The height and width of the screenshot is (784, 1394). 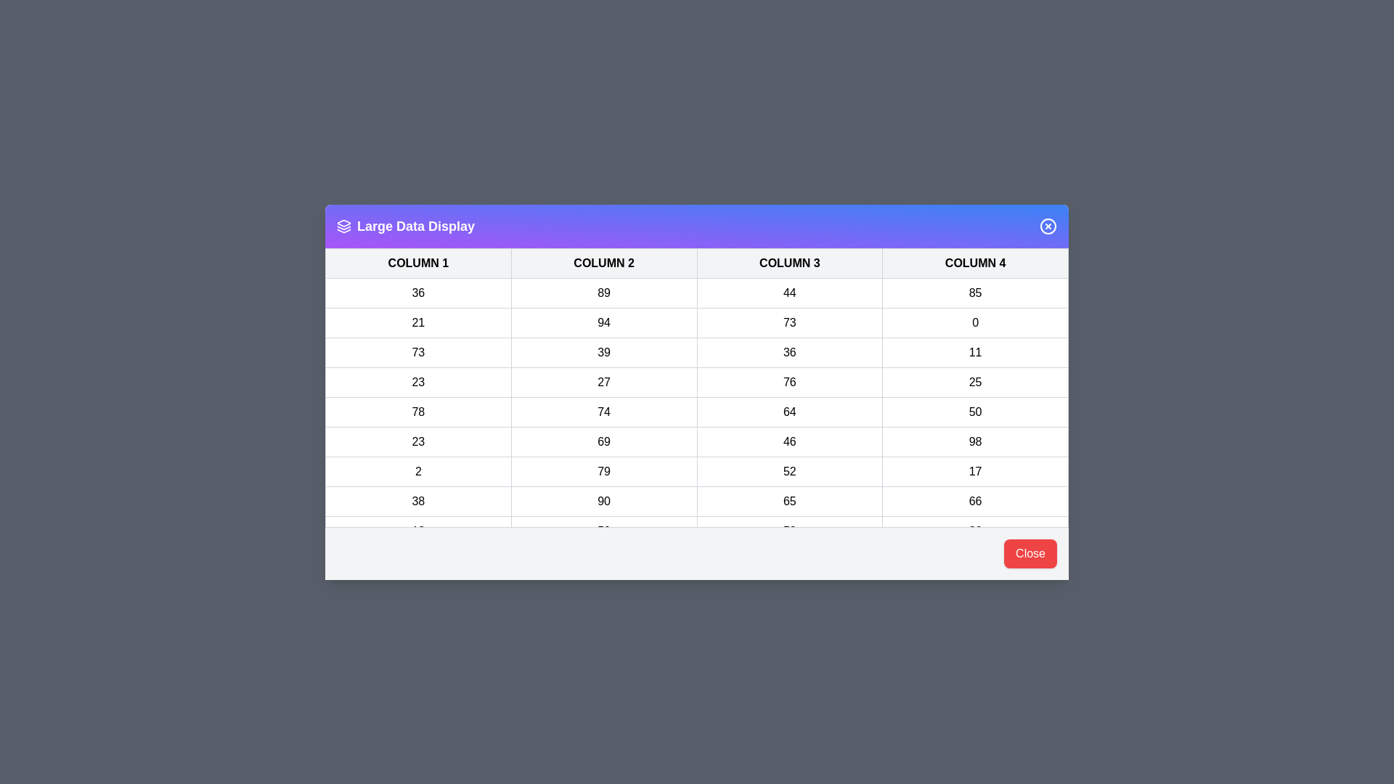 What do you see at coordinates (1048, 226) in the screenshot?
I see `the close button in the header to close the dialog` at bounding box center [1048, 226].